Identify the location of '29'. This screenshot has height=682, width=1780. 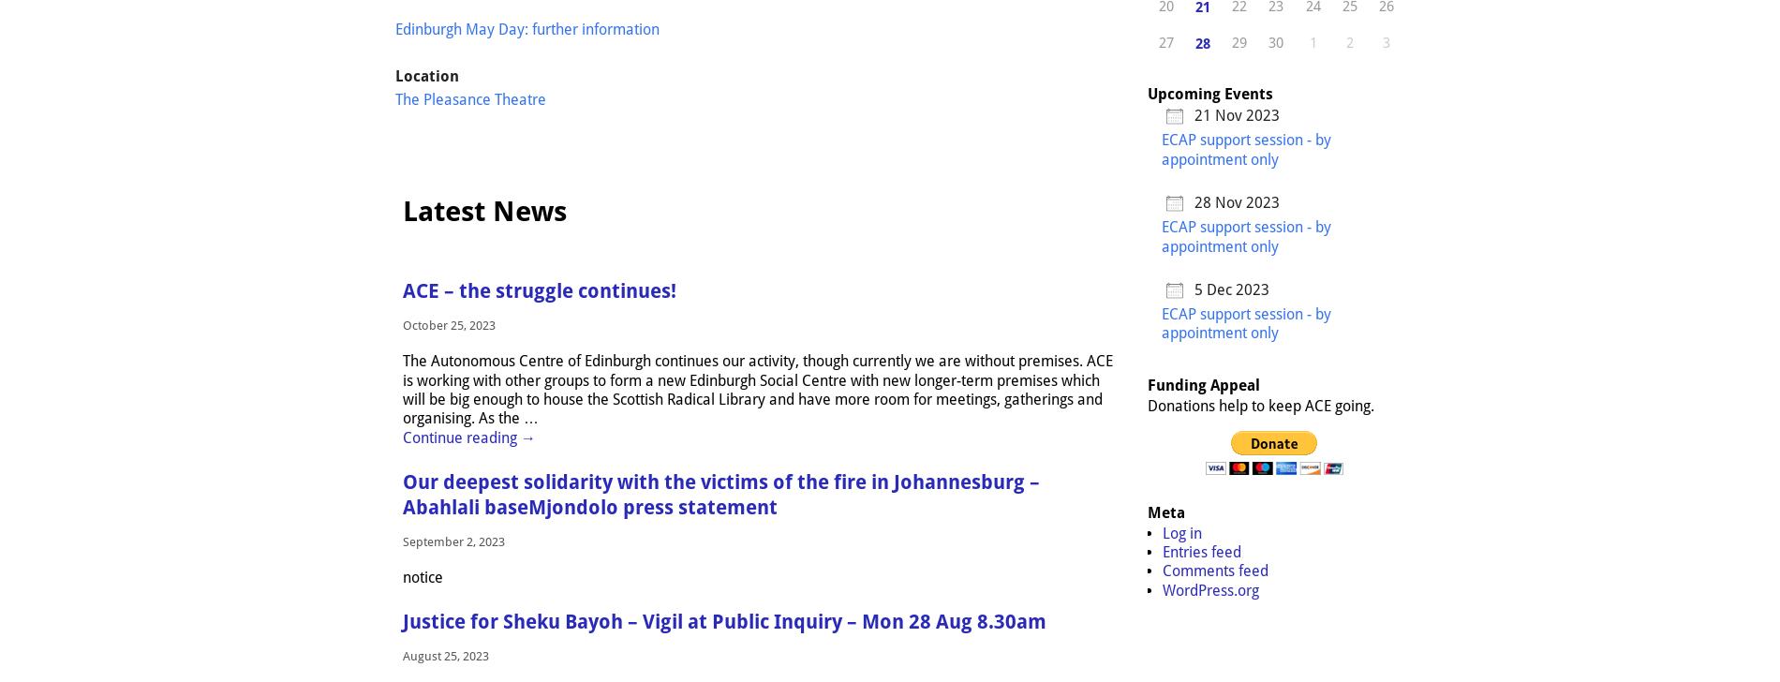
(1230, 41).